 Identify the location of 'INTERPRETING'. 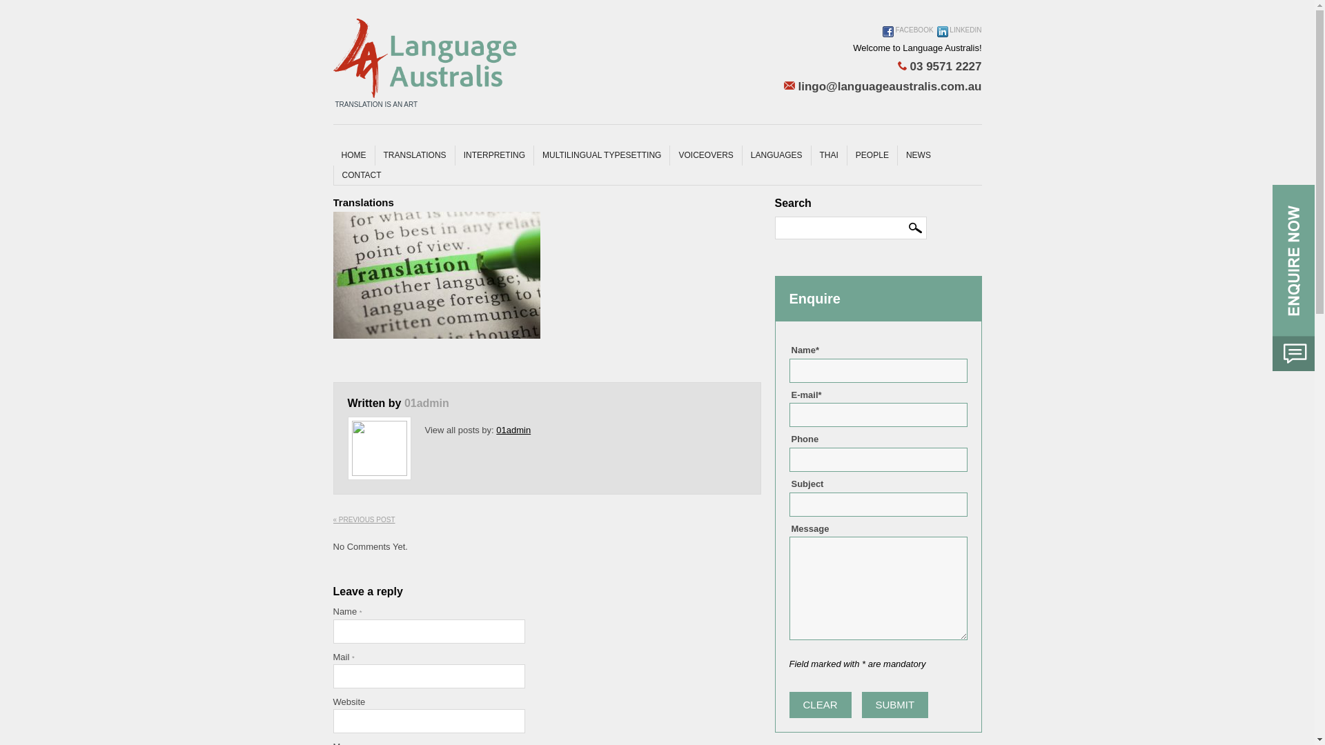
(493, 155).